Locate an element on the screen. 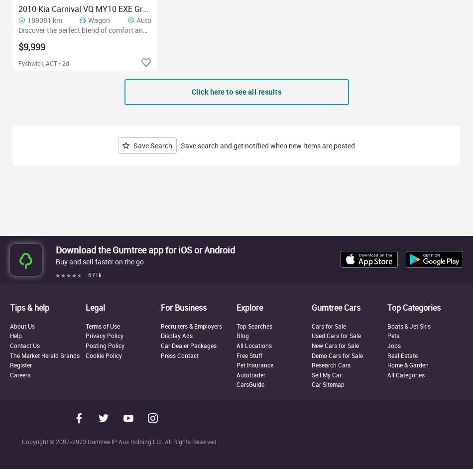 This screenshot has height=469, width=473. 'Posting Policy' is located at coordinates (105, 345).